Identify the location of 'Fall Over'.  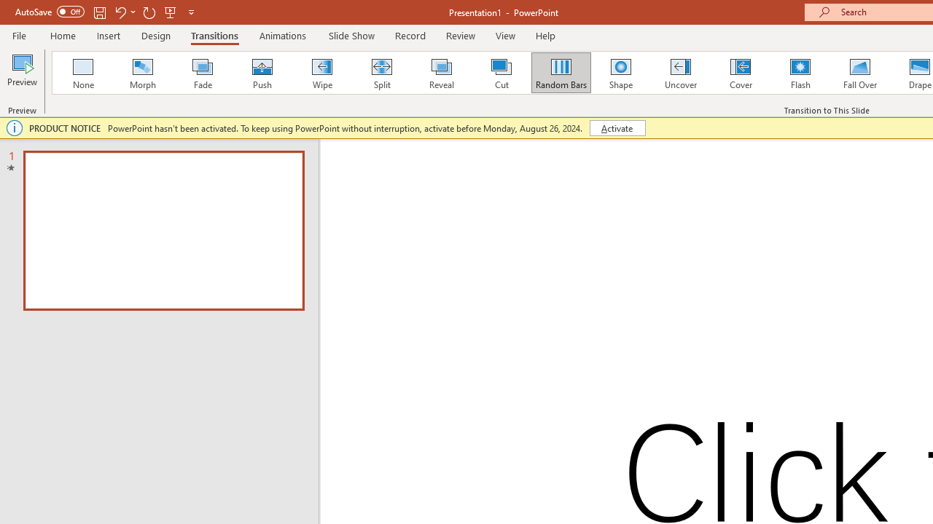
(860, 73).